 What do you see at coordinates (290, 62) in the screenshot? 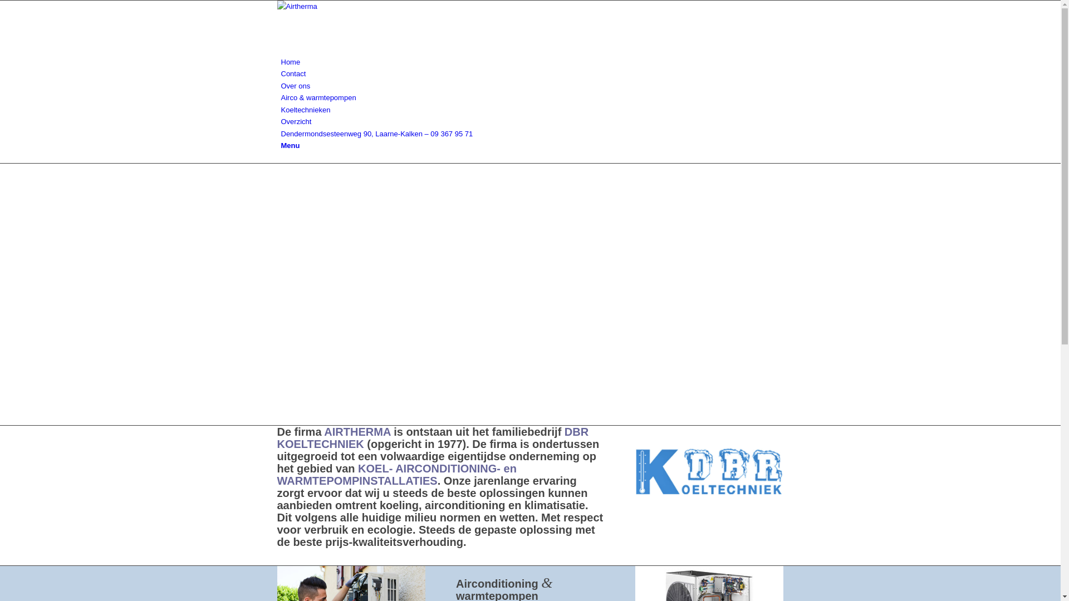
I see `'Home'` at bounding box center [290, 62].